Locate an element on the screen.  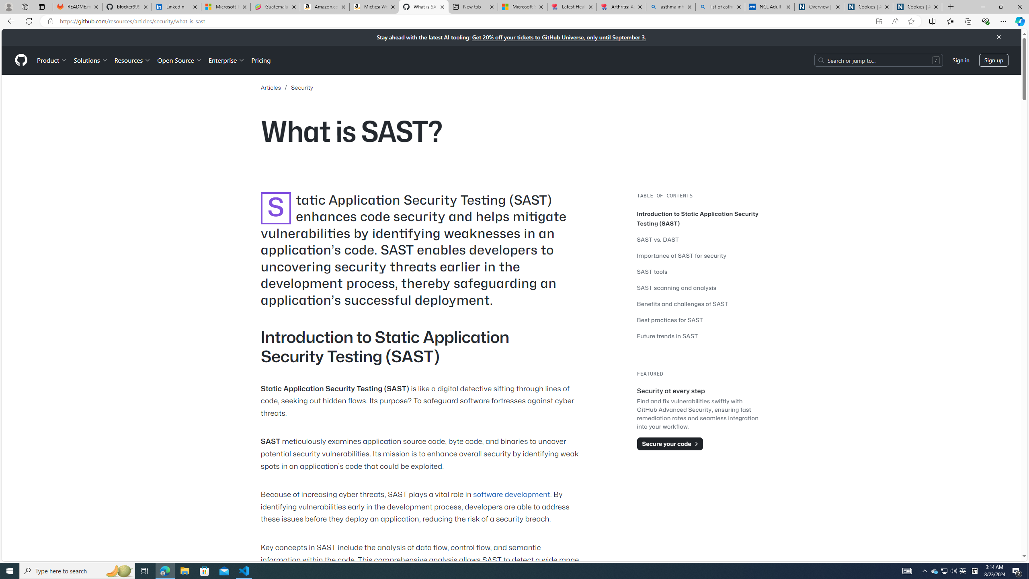
'Benefits and challenges of SAST' is located at coordinates (699, 303).